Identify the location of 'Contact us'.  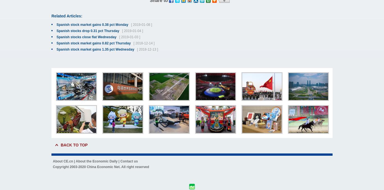
(129, 161).